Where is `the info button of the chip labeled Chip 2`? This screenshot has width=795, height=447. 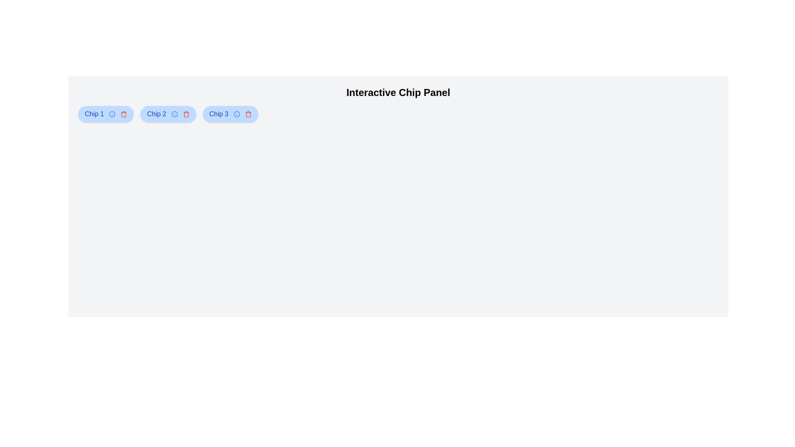 the info button of the chip labeled Chip 2 is located at coordinates (174, 114).